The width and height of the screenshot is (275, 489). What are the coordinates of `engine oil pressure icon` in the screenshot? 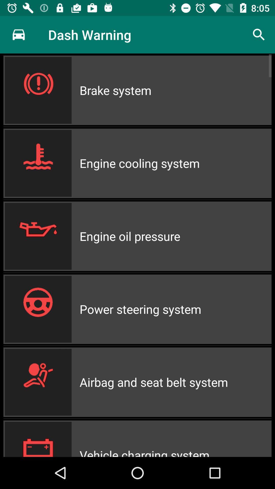 It's located at (175, 236).